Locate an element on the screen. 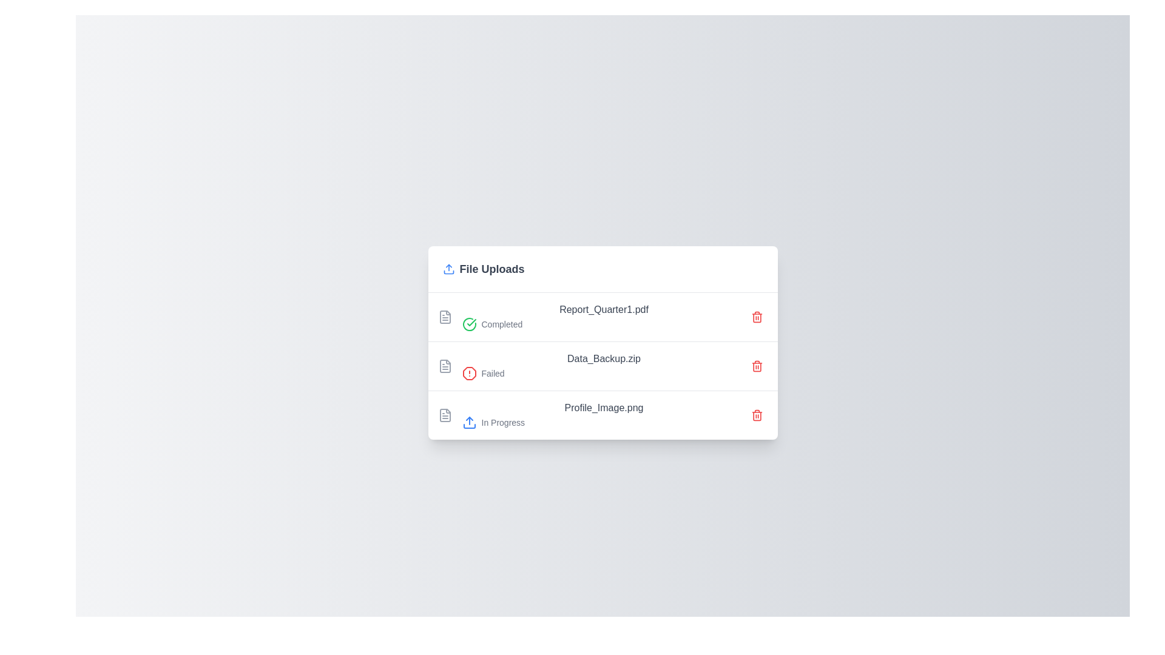 This screenshot has width=1165, height=655. the 'In Progress' status icon located in the third row of the file upload status list, which is aligned to the left of the 'In Progress' status label is located at coordinates (468, 422).